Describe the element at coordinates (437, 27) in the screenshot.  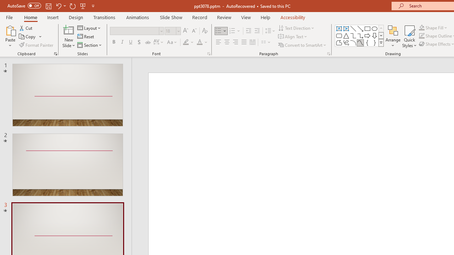
I see `'More Options'` at that location.